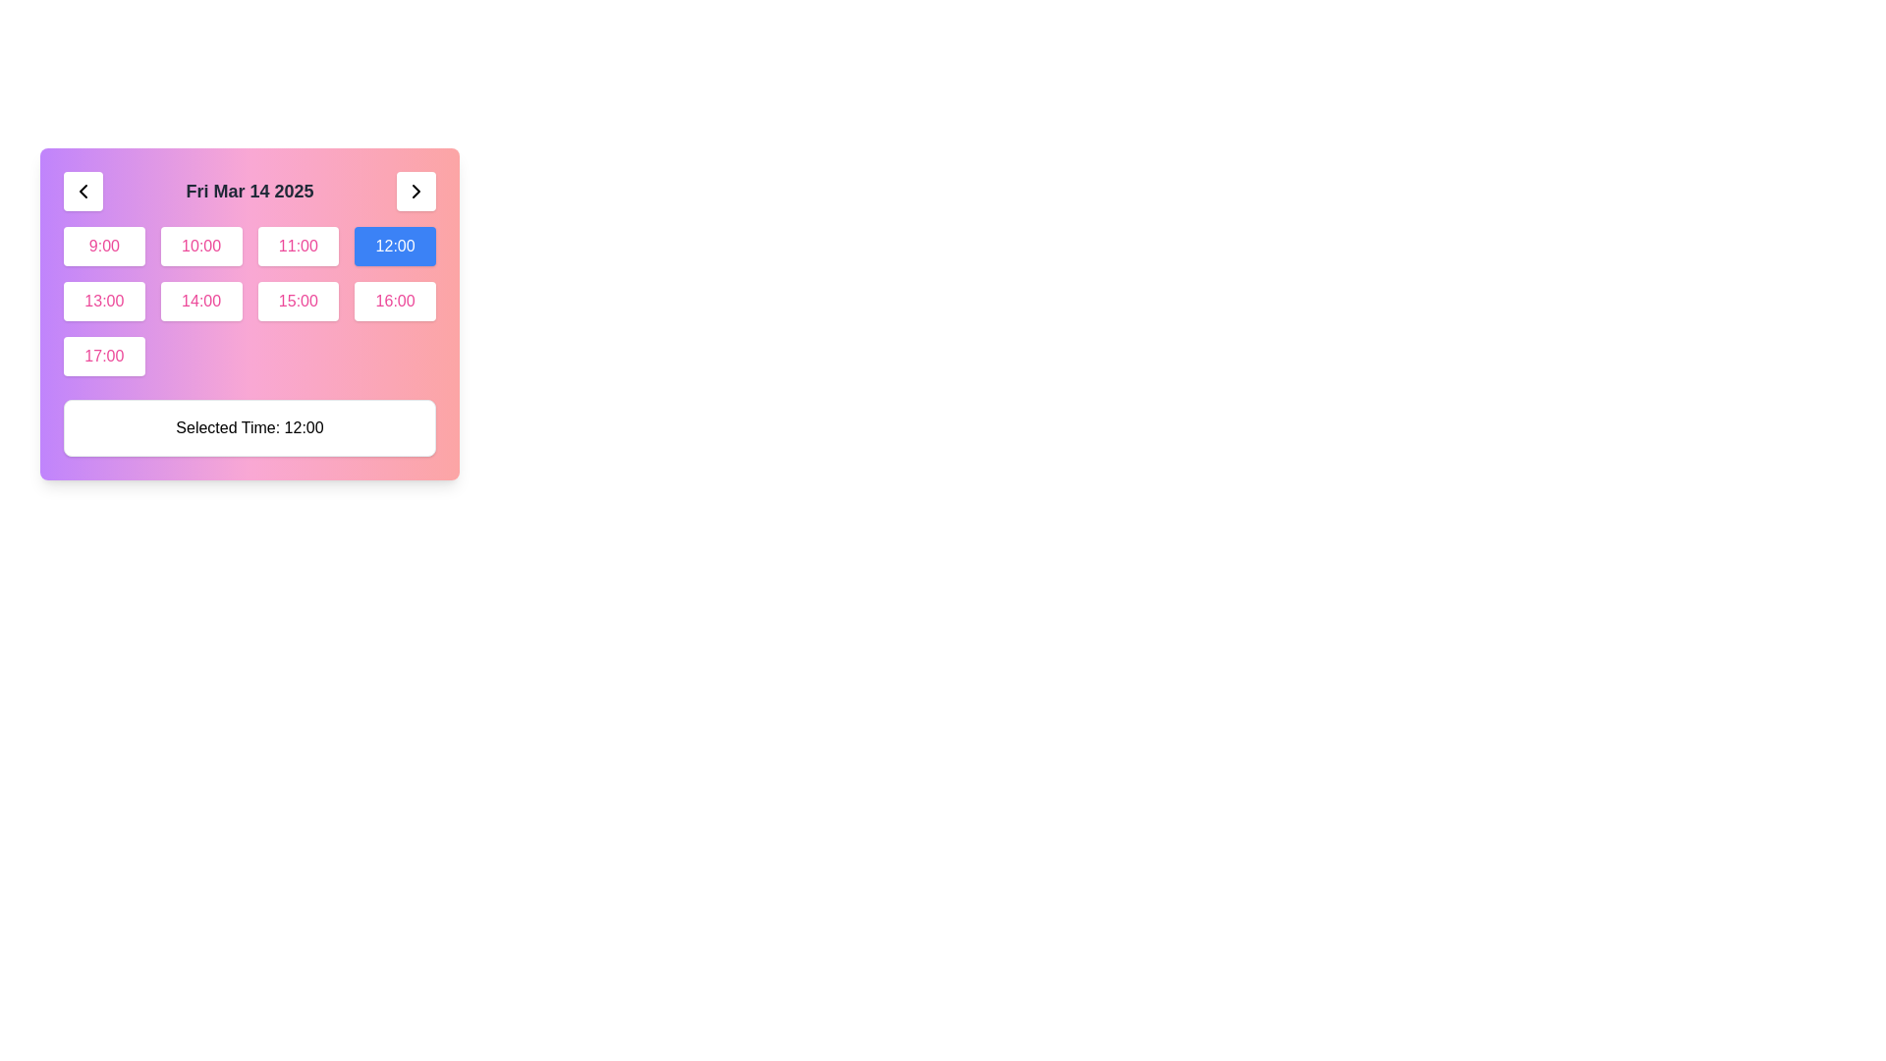 The width and height of the screenshot is (1886, 1061). Describe the element at coordinates (297, 302) in the screenshot. I see `the selectable time option button for 3:00 PM, located in the second row and third column of the grid layout` at that location.